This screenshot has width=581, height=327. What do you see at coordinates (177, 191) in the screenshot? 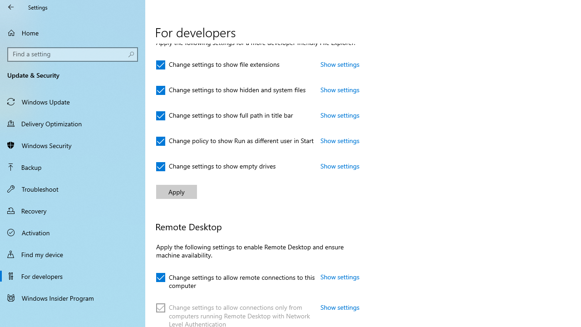
I see `'Apply'` at bounding box center [177, 191].